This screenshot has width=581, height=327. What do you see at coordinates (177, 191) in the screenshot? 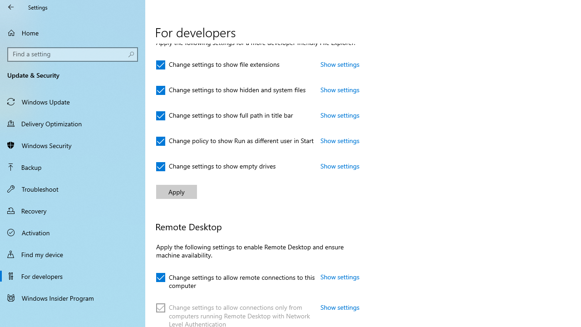
I see `'Apply'` at bounding box center [177, 191].